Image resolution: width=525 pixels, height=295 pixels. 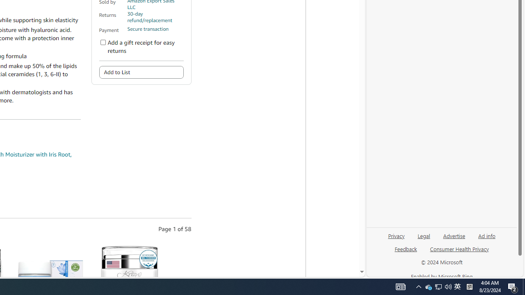 I want to click on 'Add to List', so click(x=141, y=72).